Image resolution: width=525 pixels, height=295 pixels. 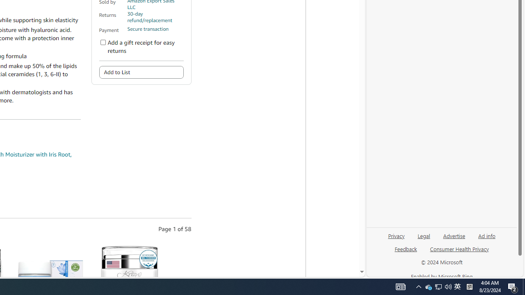 I want to click on 'Add to List', so click(x=141, y=72).